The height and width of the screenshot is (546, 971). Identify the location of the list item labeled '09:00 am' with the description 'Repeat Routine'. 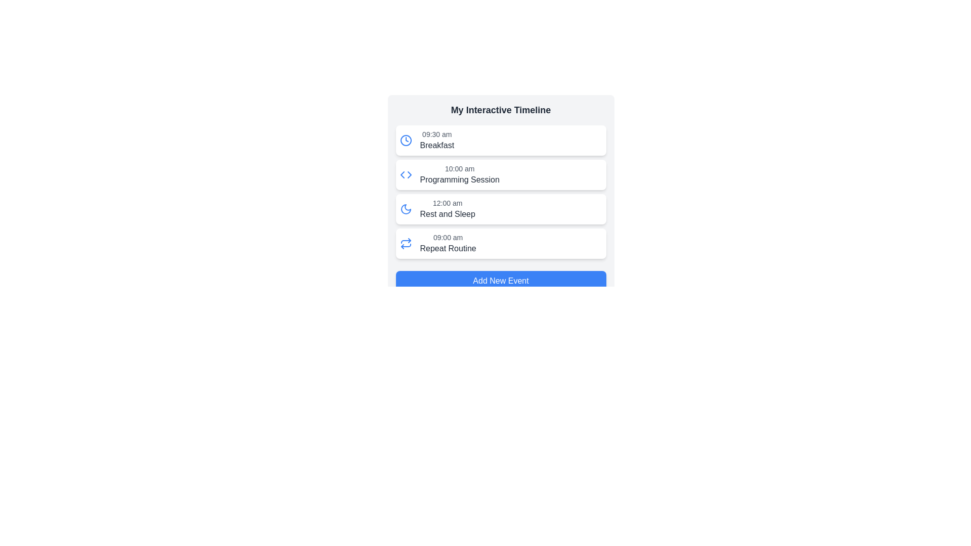
(437, 244).